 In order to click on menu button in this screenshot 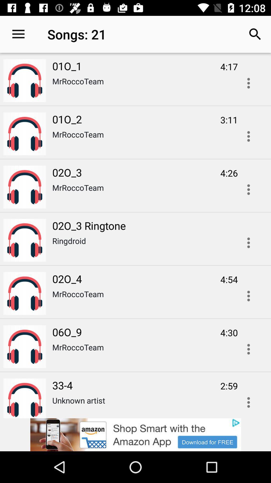, I will do `click(248, 243)`.